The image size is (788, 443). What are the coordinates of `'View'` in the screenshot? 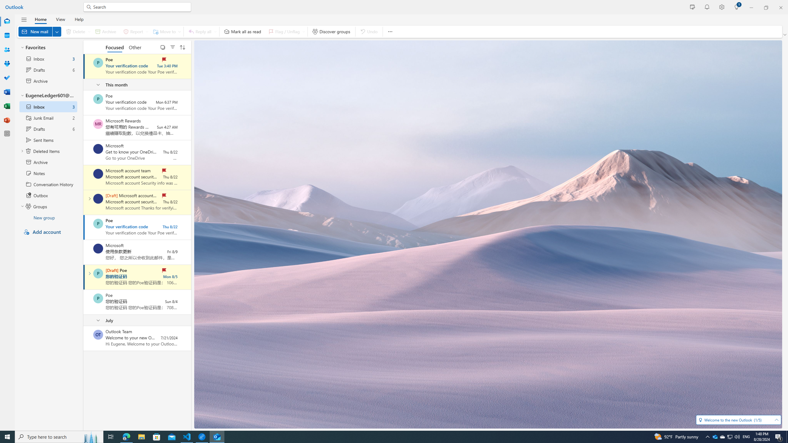 It's located at (60, 19).